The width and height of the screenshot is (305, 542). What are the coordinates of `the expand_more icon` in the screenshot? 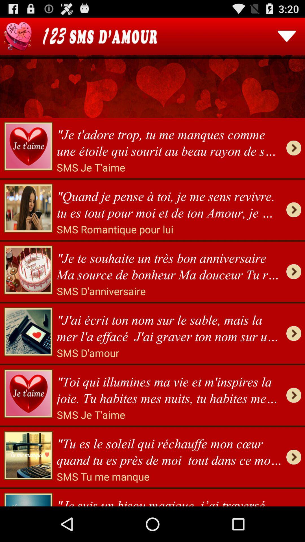 It's located at (287, 38).